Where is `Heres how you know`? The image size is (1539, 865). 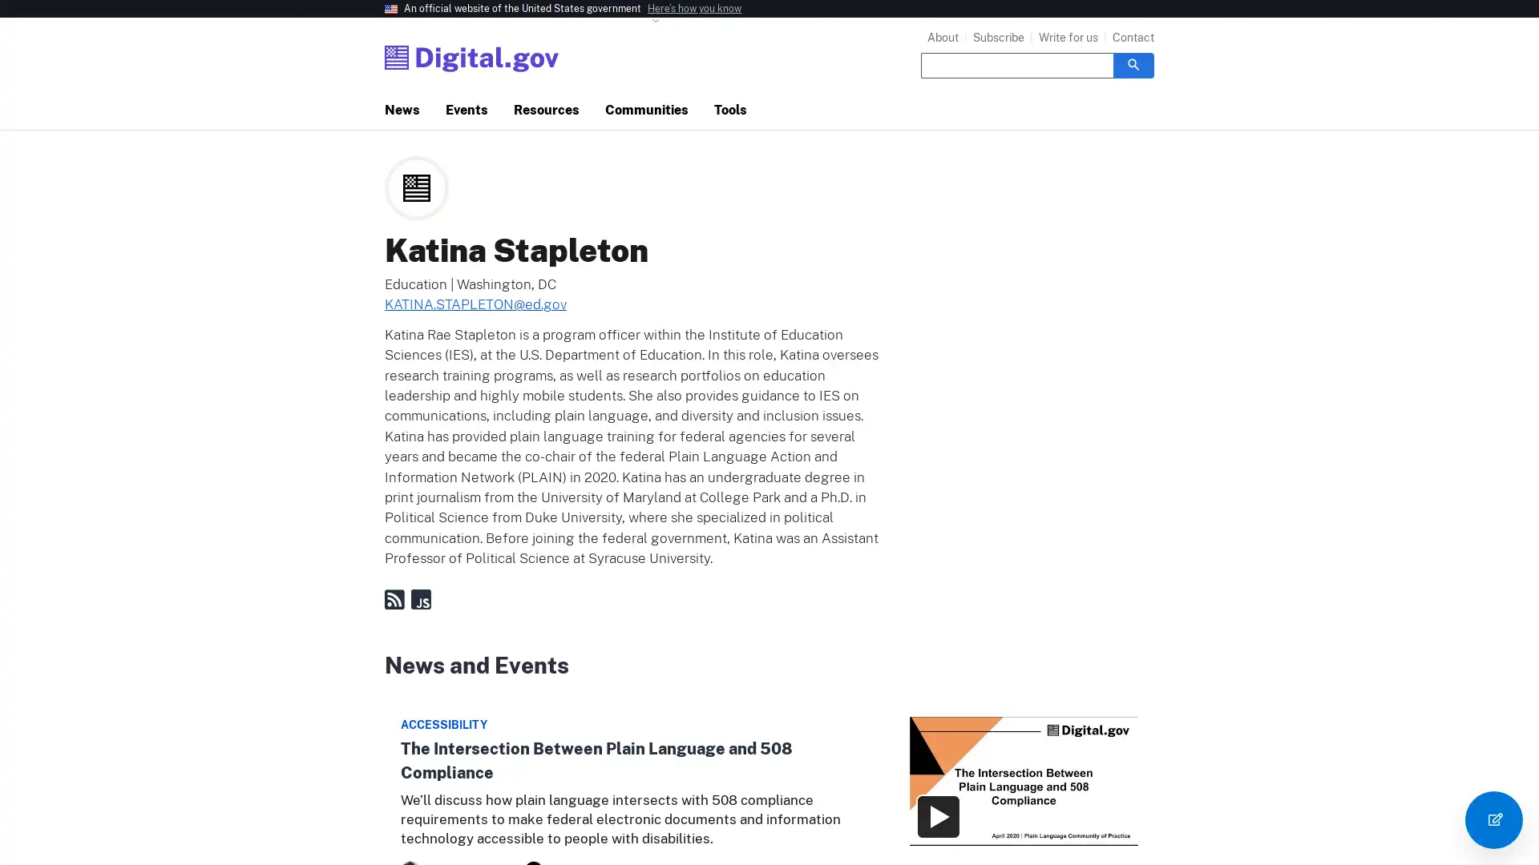 Heres how you know is located at coordinates (694, 9).